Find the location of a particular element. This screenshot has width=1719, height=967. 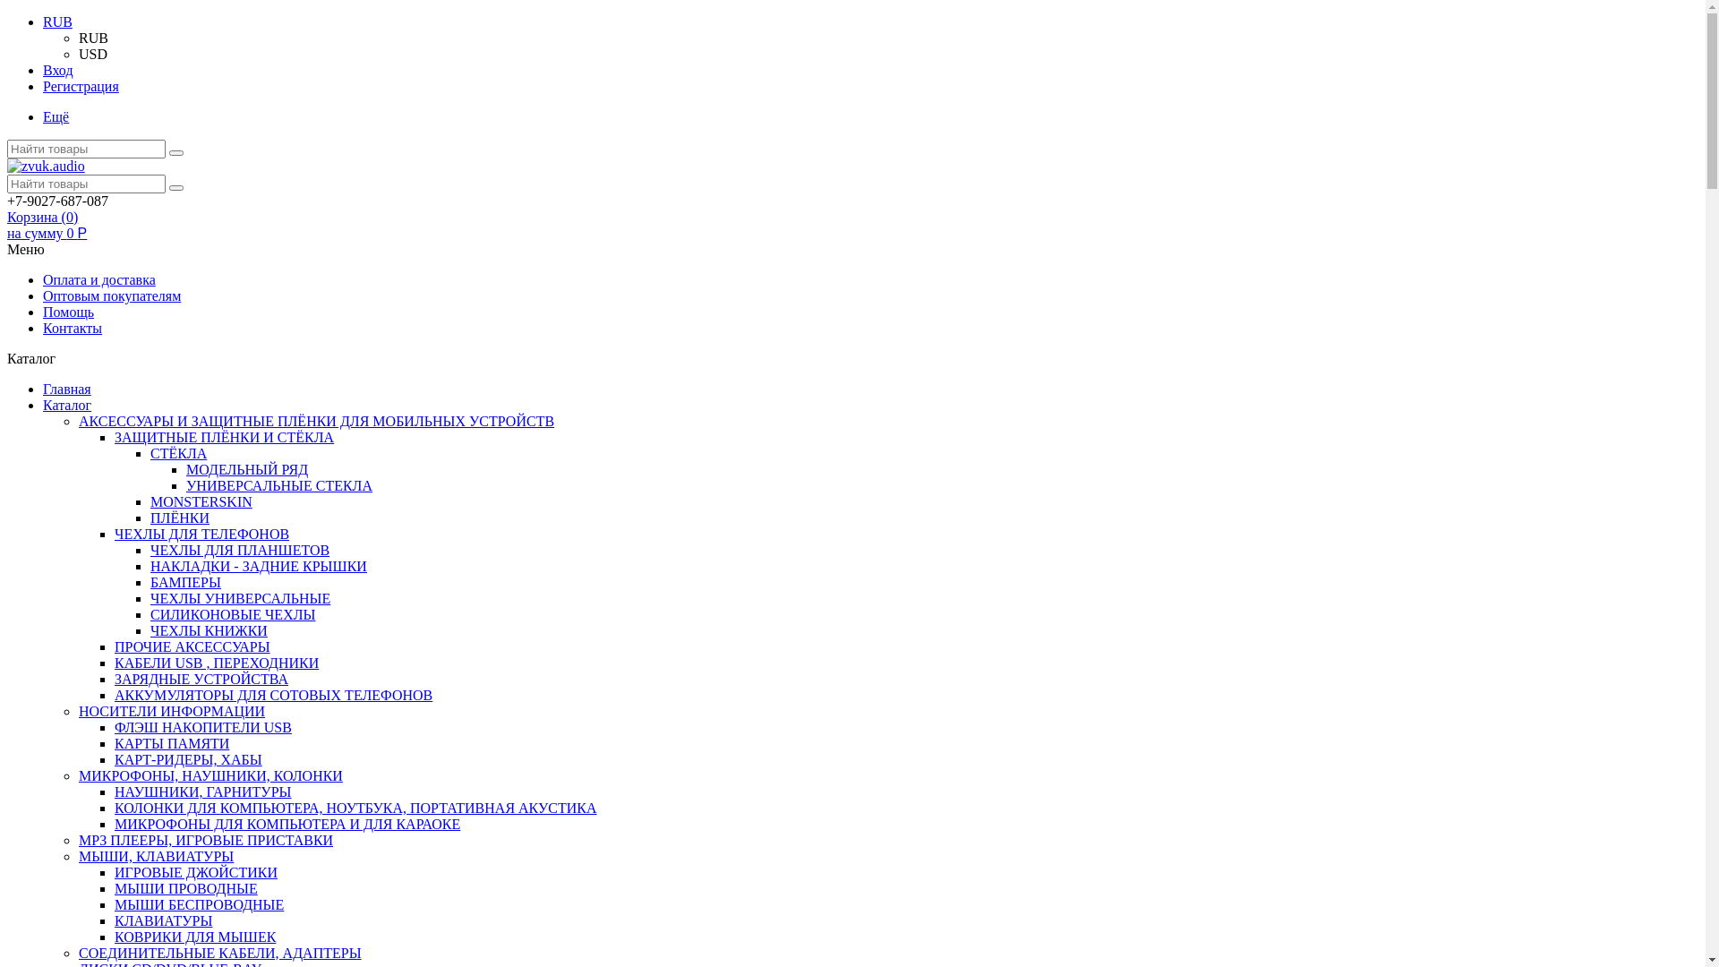

'RUB' is located at coordinates (92, 38).